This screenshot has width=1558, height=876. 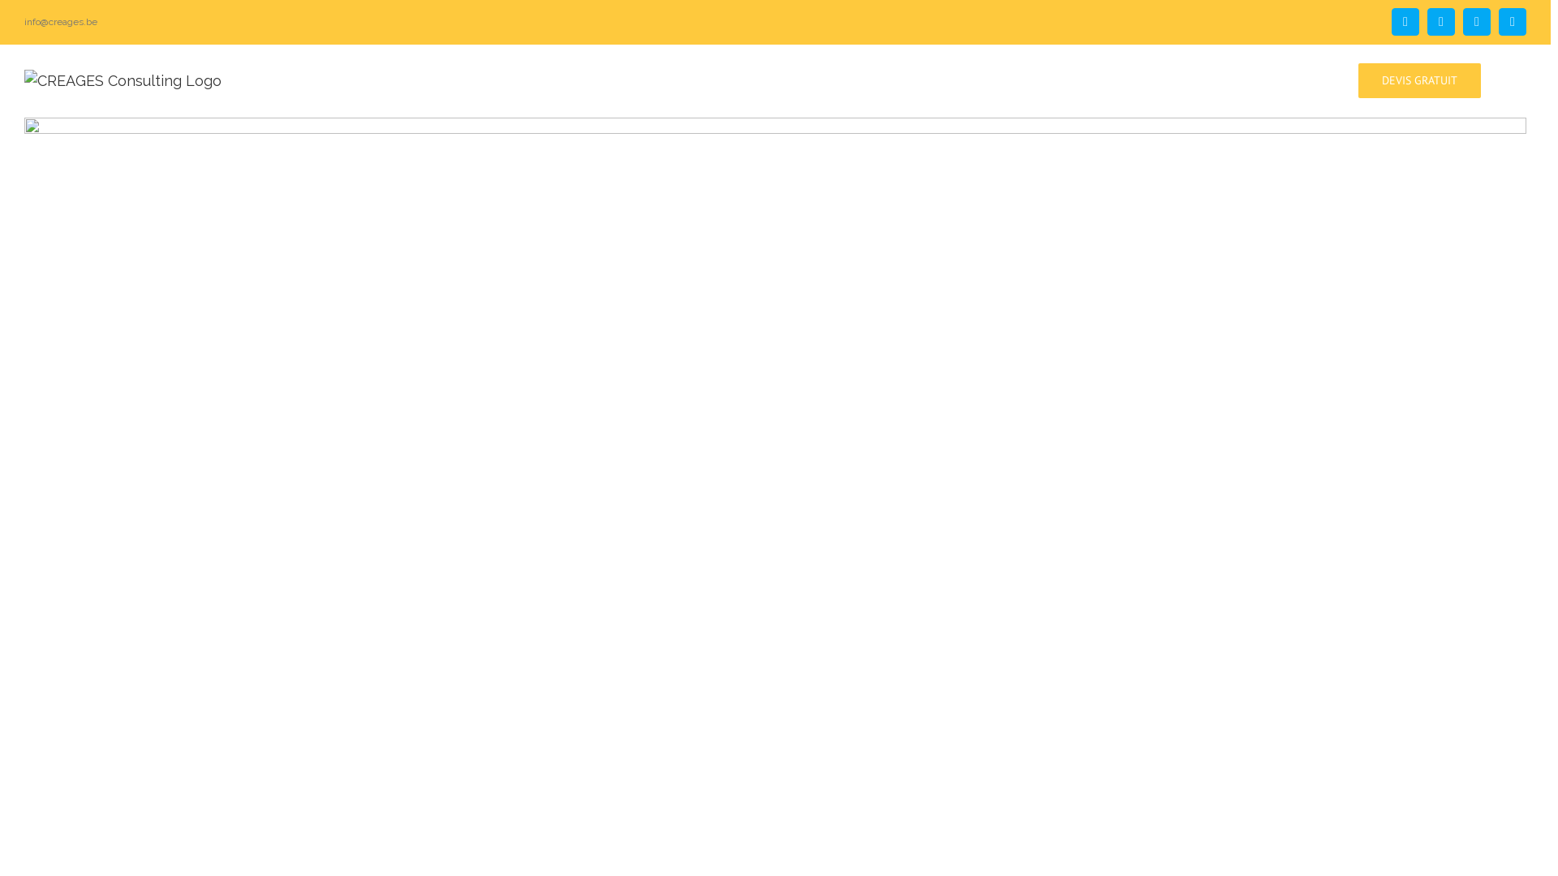 I want to click on 'facebook', so click(x=1405, y=22).